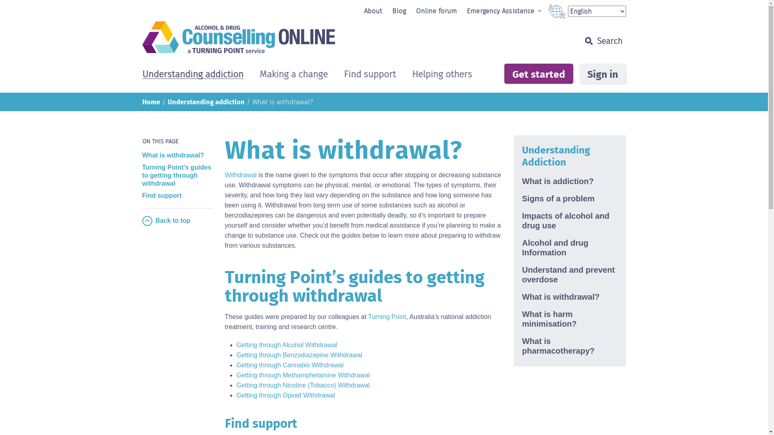  Describe the element at coordinates (441, 75) in the screenshot. I see `'Helping others'` at that location.